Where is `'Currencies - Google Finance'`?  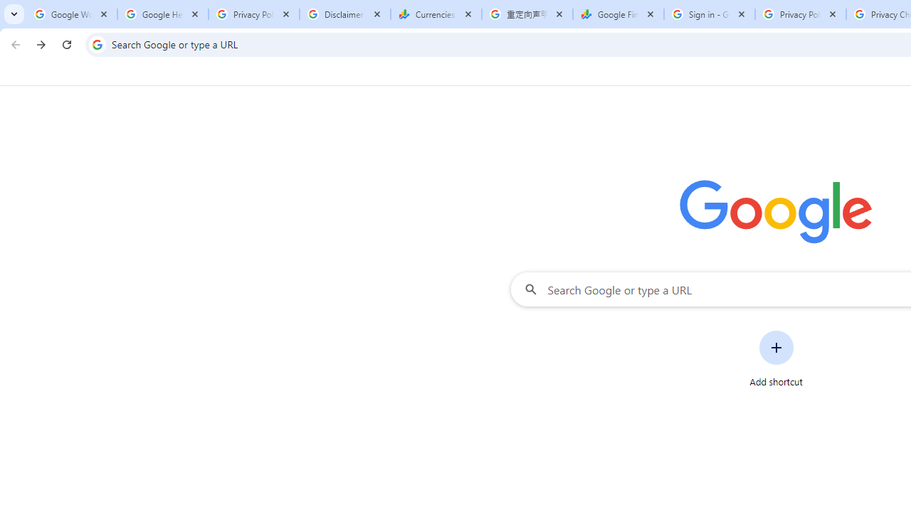 'Currencies - Google Finance' is located at coordinates (436, 14).